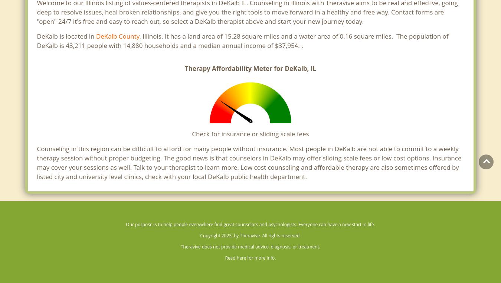 Image resolution: width=501 pixels, height=283 pixels. Describe the element at coordinates (250, 246) in the screenshot. I see `'Theravive does not provide medical advice, diagnosis, or treatment.'` at that location.